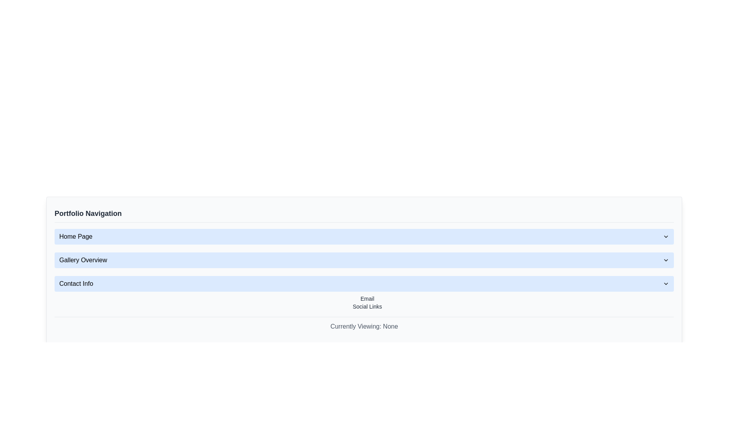 The image size is (754, 424). What do you see at coordinates (665, 283) in the screenshot?
I see `the chevron icon on the 'Contact Info' button` at bounding box center [665, 283].